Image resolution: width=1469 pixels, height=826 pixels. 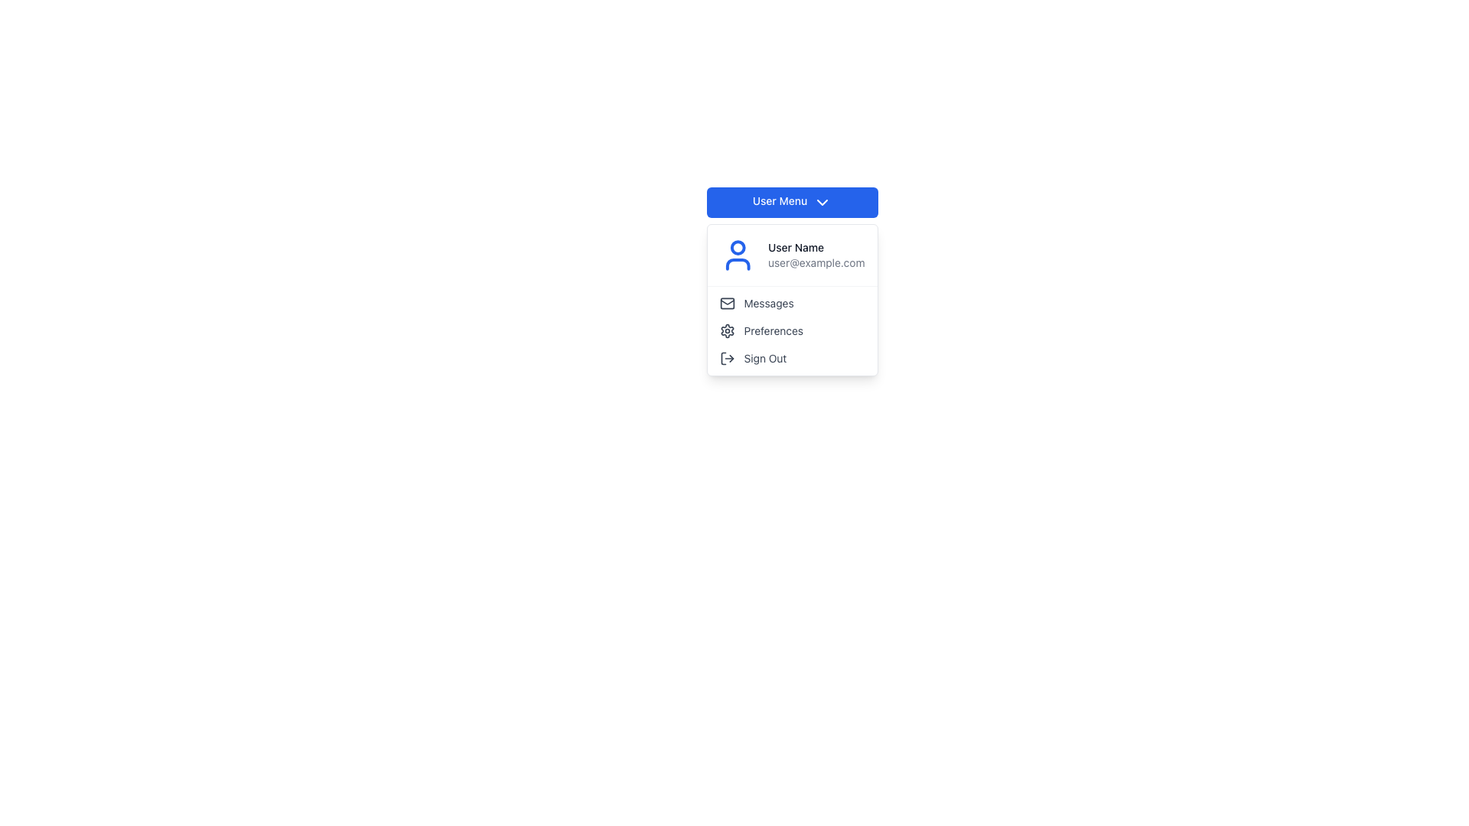 What do you see at coordinates (738, 255) in the screenshot?
I see `the user account icon located at the top left inside the user menu drop-down, adjacent to the username and email text` at bounding box center [738, 255].